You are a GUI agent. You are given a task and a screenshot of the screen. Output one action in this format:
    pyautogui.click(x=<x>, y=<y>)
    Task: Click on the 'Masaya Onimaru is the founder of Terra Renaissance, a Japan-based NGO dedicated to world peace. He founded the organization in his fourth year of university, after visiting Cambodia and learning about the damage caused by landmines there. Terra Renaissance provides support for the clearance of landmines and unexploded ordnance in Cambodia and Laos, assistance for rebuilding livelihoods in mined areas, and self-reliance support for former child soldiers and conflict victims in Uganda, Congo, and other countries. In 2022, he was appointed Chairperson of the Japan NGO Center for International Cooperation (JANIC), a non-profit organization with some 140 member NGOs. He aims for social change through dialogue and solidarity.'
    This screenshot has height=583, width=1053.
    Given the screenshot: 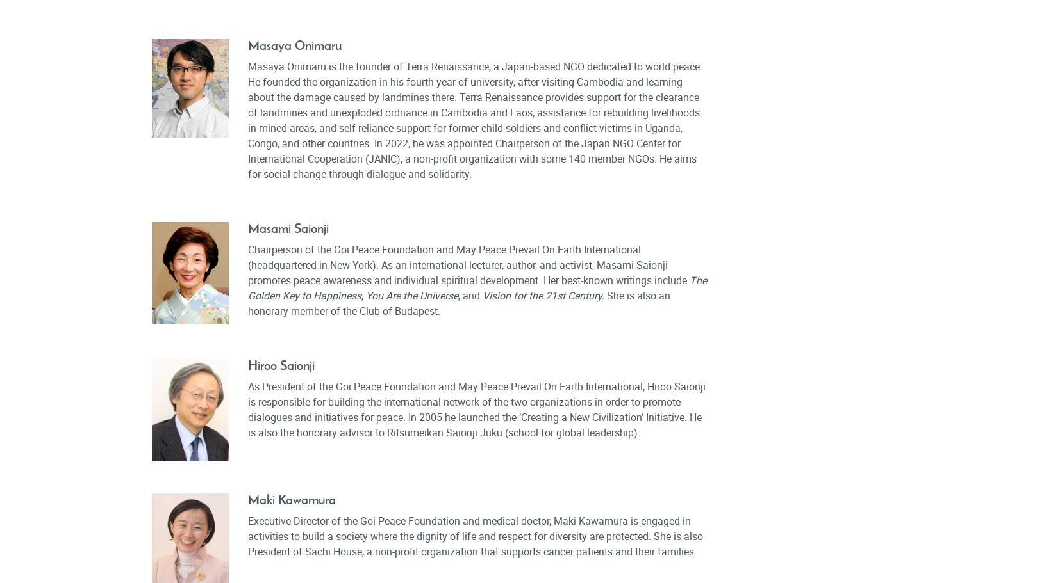 What is the action you would take?
    pyautogui.click(x=474, y=119)
    